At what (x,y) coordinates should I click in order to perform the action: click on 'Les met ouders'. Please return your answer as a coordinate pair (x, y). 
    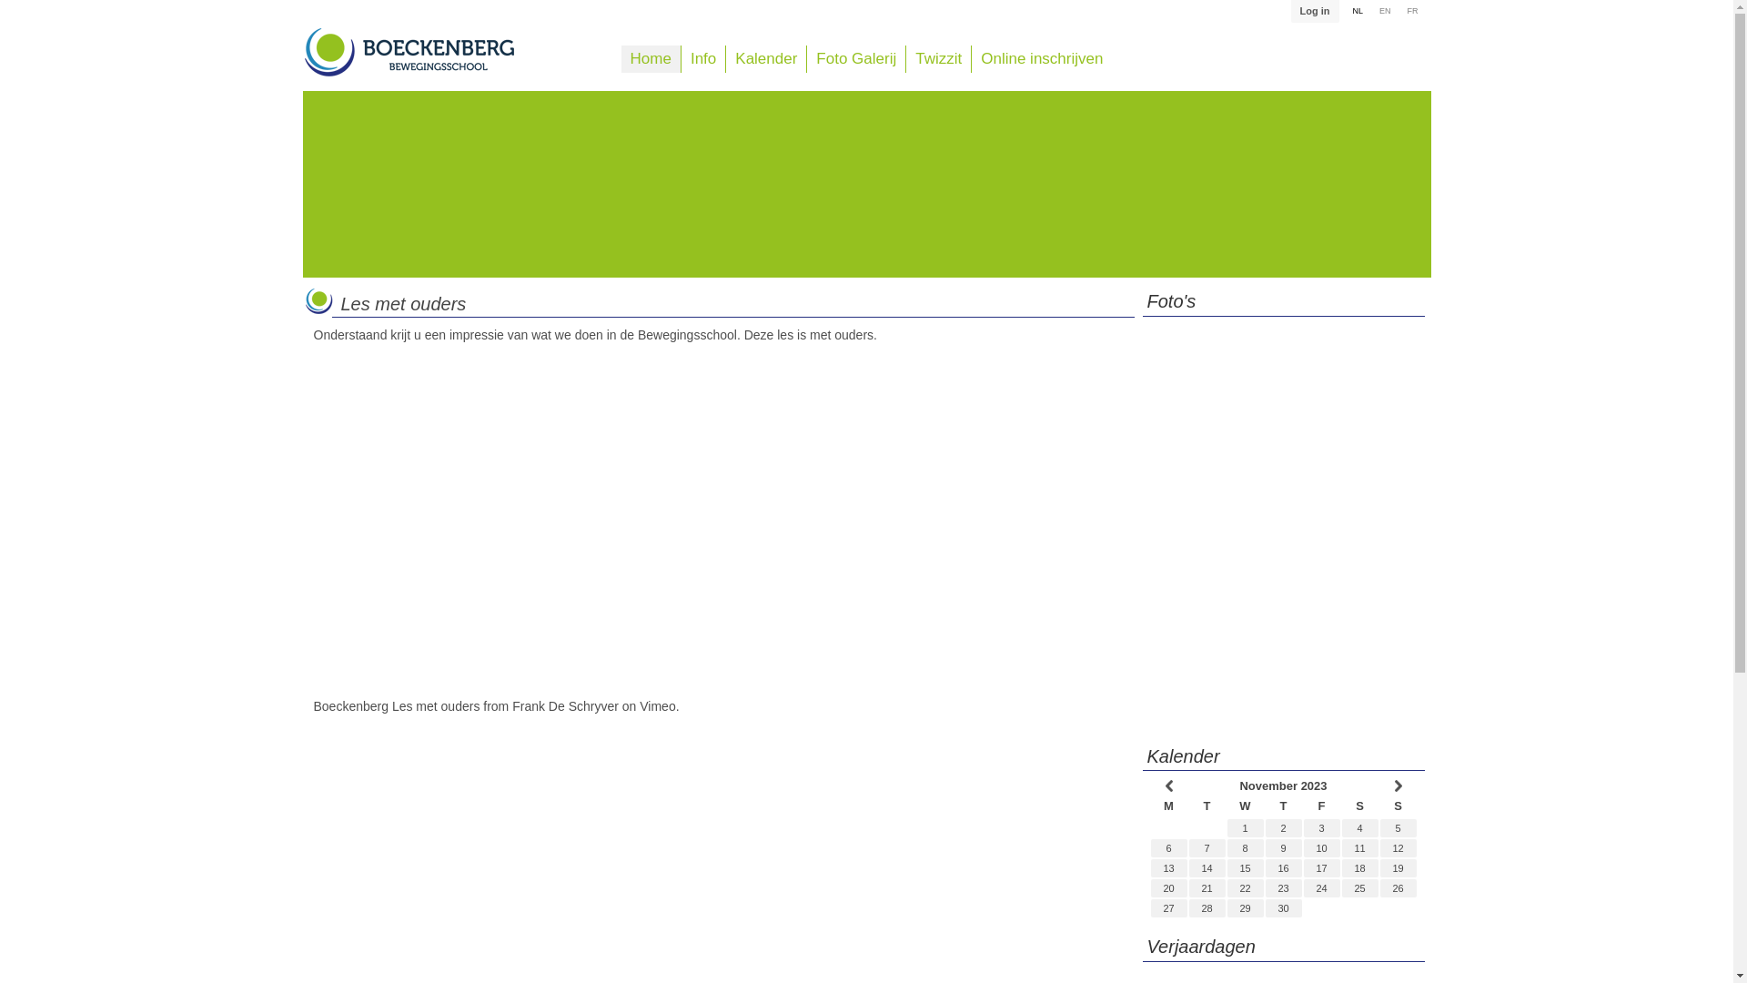
    Looking at the image, I should click on (401, 303).